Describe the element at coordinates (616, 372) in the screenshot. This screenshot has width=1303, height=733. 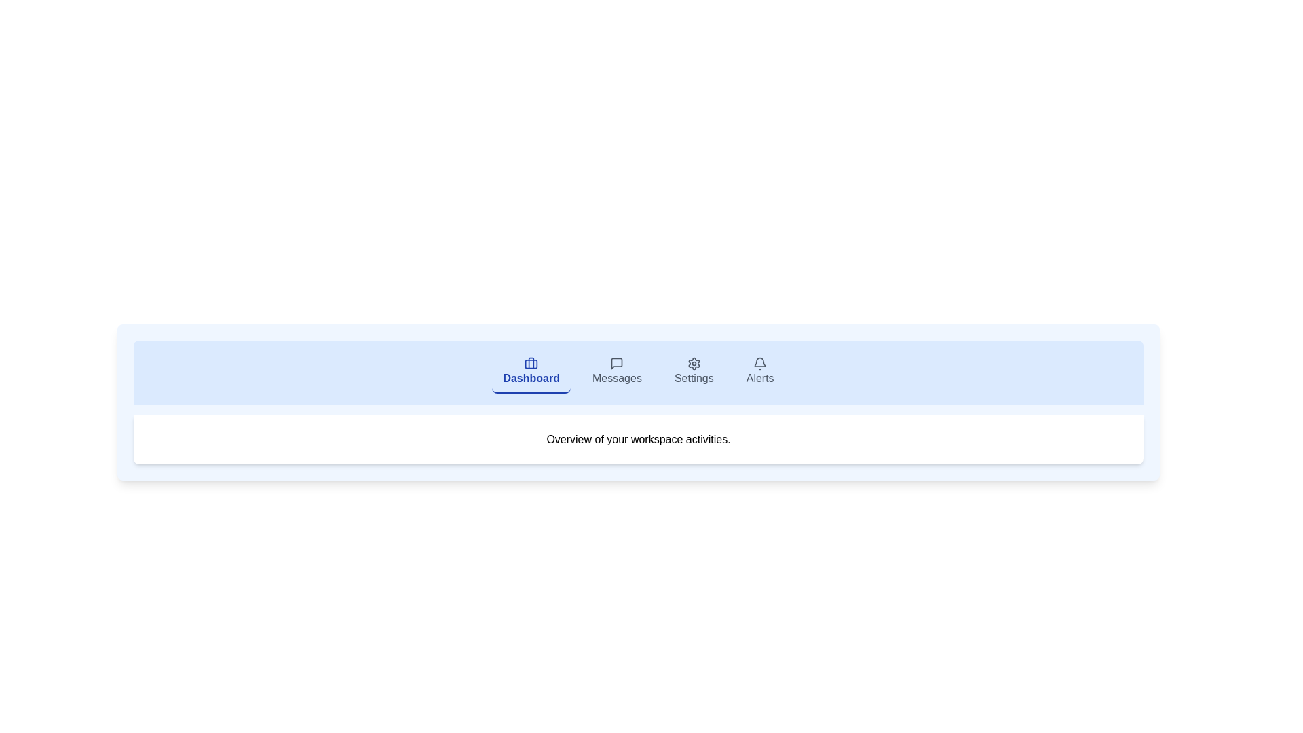
I see `the tab labeled Messages to observe visual feedback` at that location.